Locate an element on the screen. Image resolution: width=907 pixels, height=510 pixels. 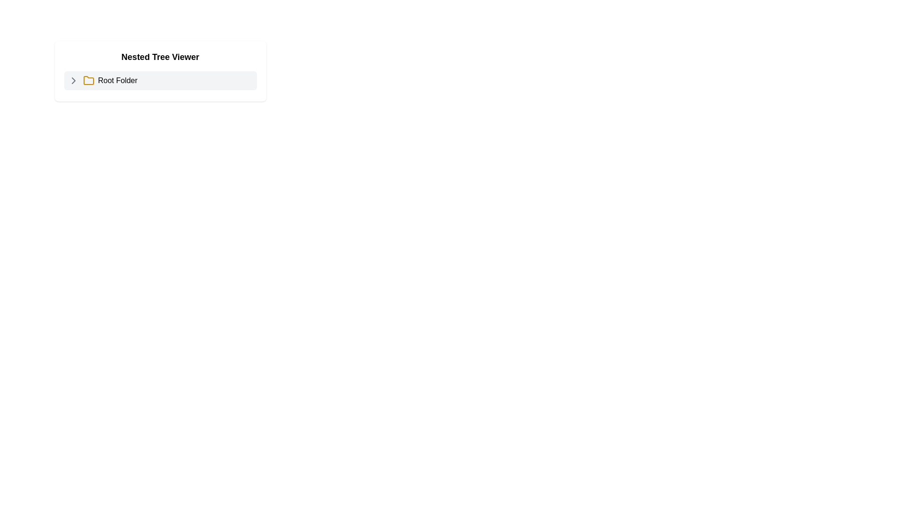
the right-facing gray chevron icon located to the left of the 'Root Folder' entry in the tree viewer is located at coordinates (73, 80).